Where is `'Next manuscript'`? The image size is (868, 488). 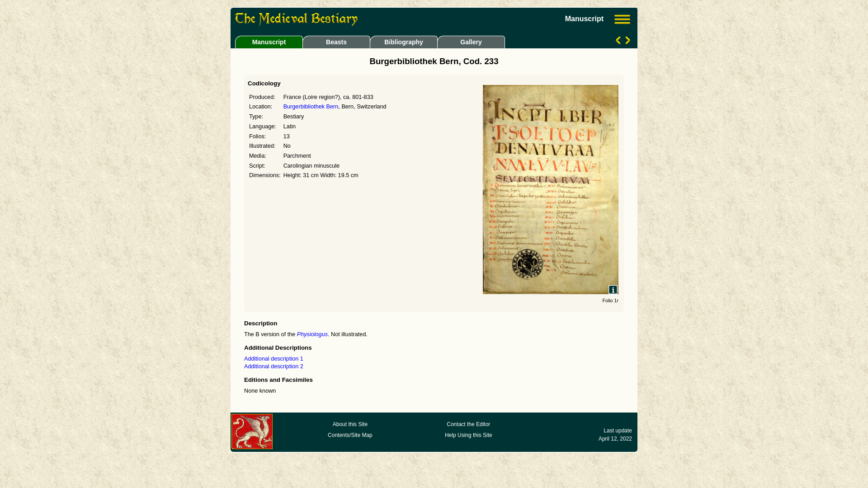 'Next manuscript' is located at coordinates (626, 42).